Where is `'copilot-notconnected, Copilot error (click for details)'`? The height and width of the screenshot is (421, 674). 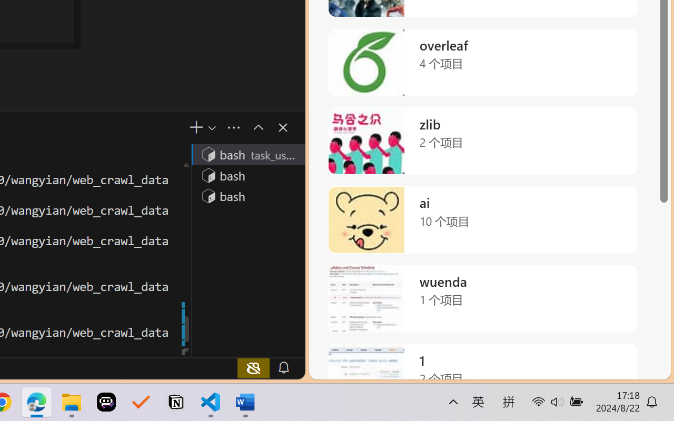 'copilot-notconnected, Copilot error (click for details)' is located at coordinates (253, 367).